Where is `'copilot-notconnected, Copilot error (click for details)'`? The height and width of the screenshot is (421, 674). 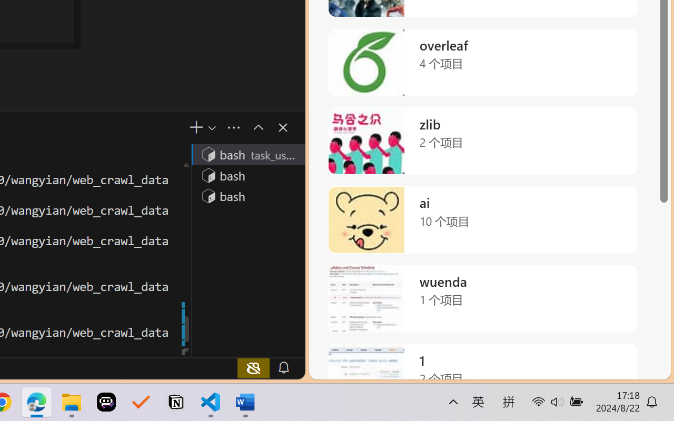 'copilot-notconnected, Copilot error (click for details)' is located at coordinates (253, 367).